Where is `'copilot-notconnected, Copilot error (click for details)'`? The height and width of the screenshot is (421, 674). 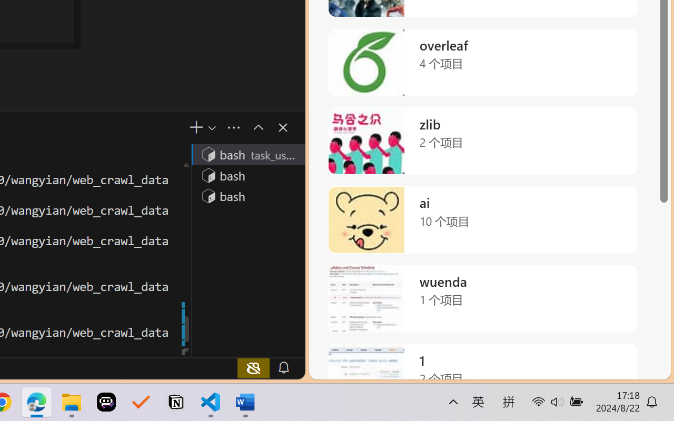 'copilot-notconnected, Copilot error (click for details)' is located at coordinates (253, 367).